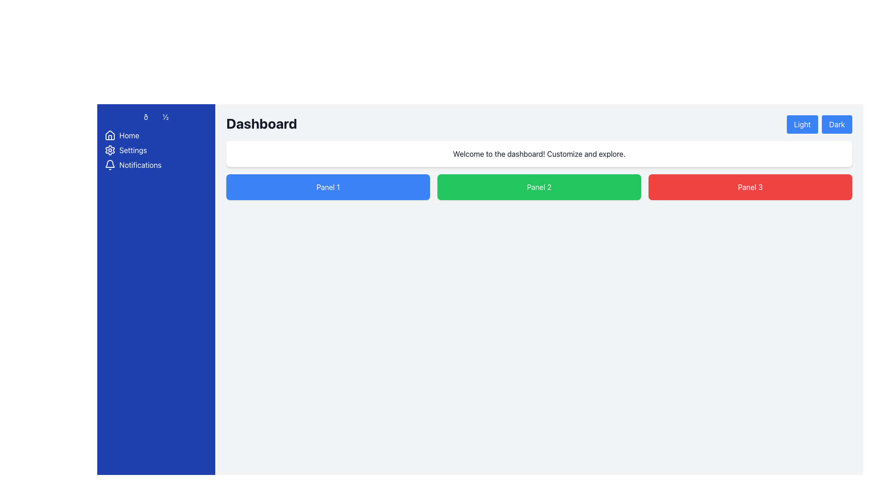 This screenshot has width=885, height=498. What do you see at coordinates (328, 187) in the screenshot?
I see `the first panel in the row of three panels, which is located in the upper-middle region of the interface and positioned leftmost among its siblings` at bounding box center [328, 187].